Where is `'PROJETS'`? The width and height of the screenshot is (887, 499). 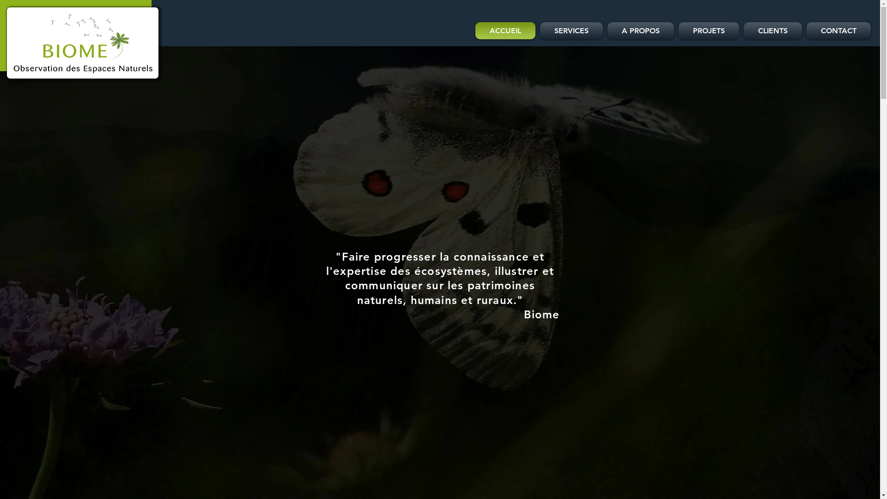
'PROJETS' is located at coordinates (708, 30).